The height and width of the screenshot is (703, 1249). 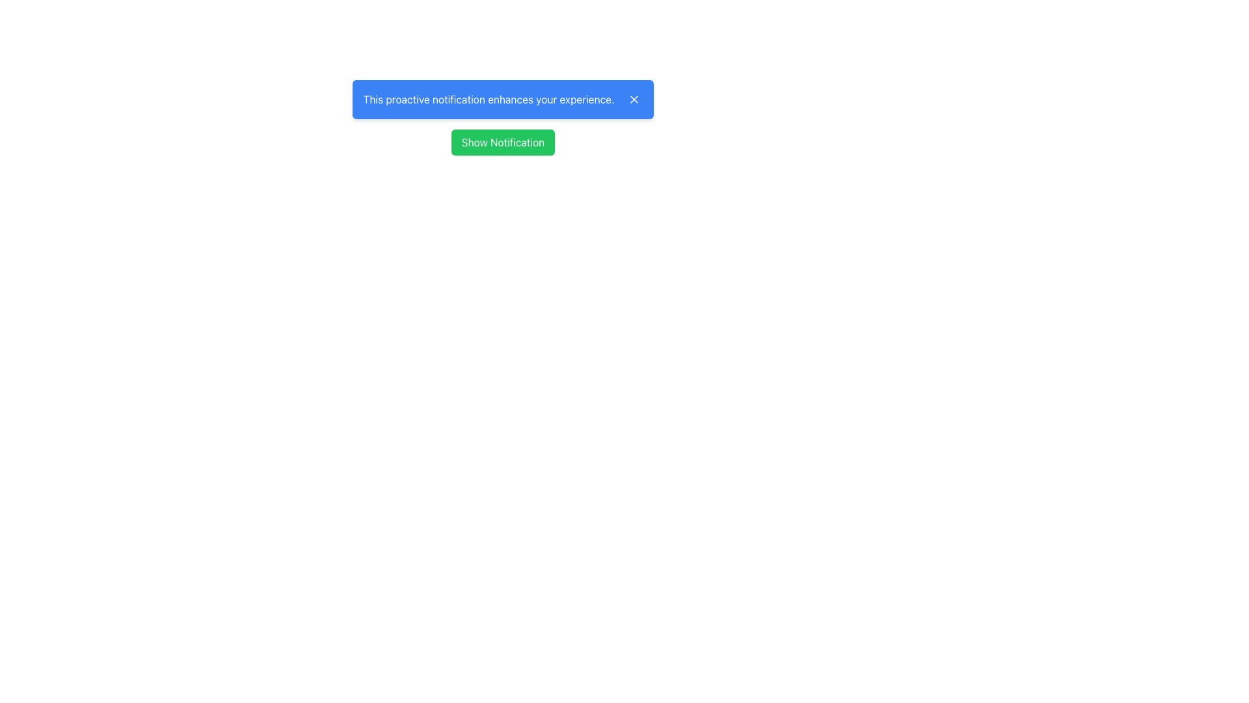 What do you see at coordinates (502, 143) in the screenshot?
I see `the button located below the blue notification panel` at bounding box center [502, 143].